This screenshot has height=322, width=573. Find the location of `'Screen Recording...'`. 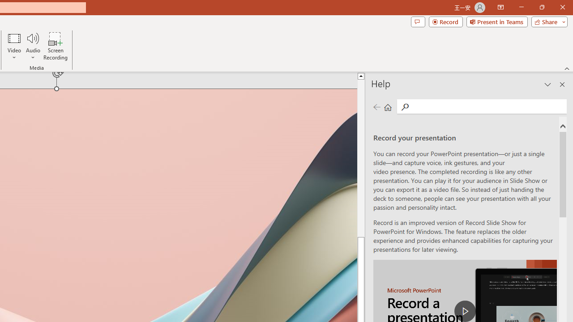

'Screen Recording...' is located at coordinates (55, 46).